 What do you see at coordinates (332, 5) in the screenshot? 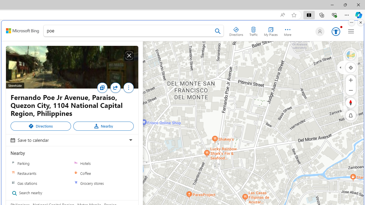
I see `'Minimize'` at bounding box center [332, 5].